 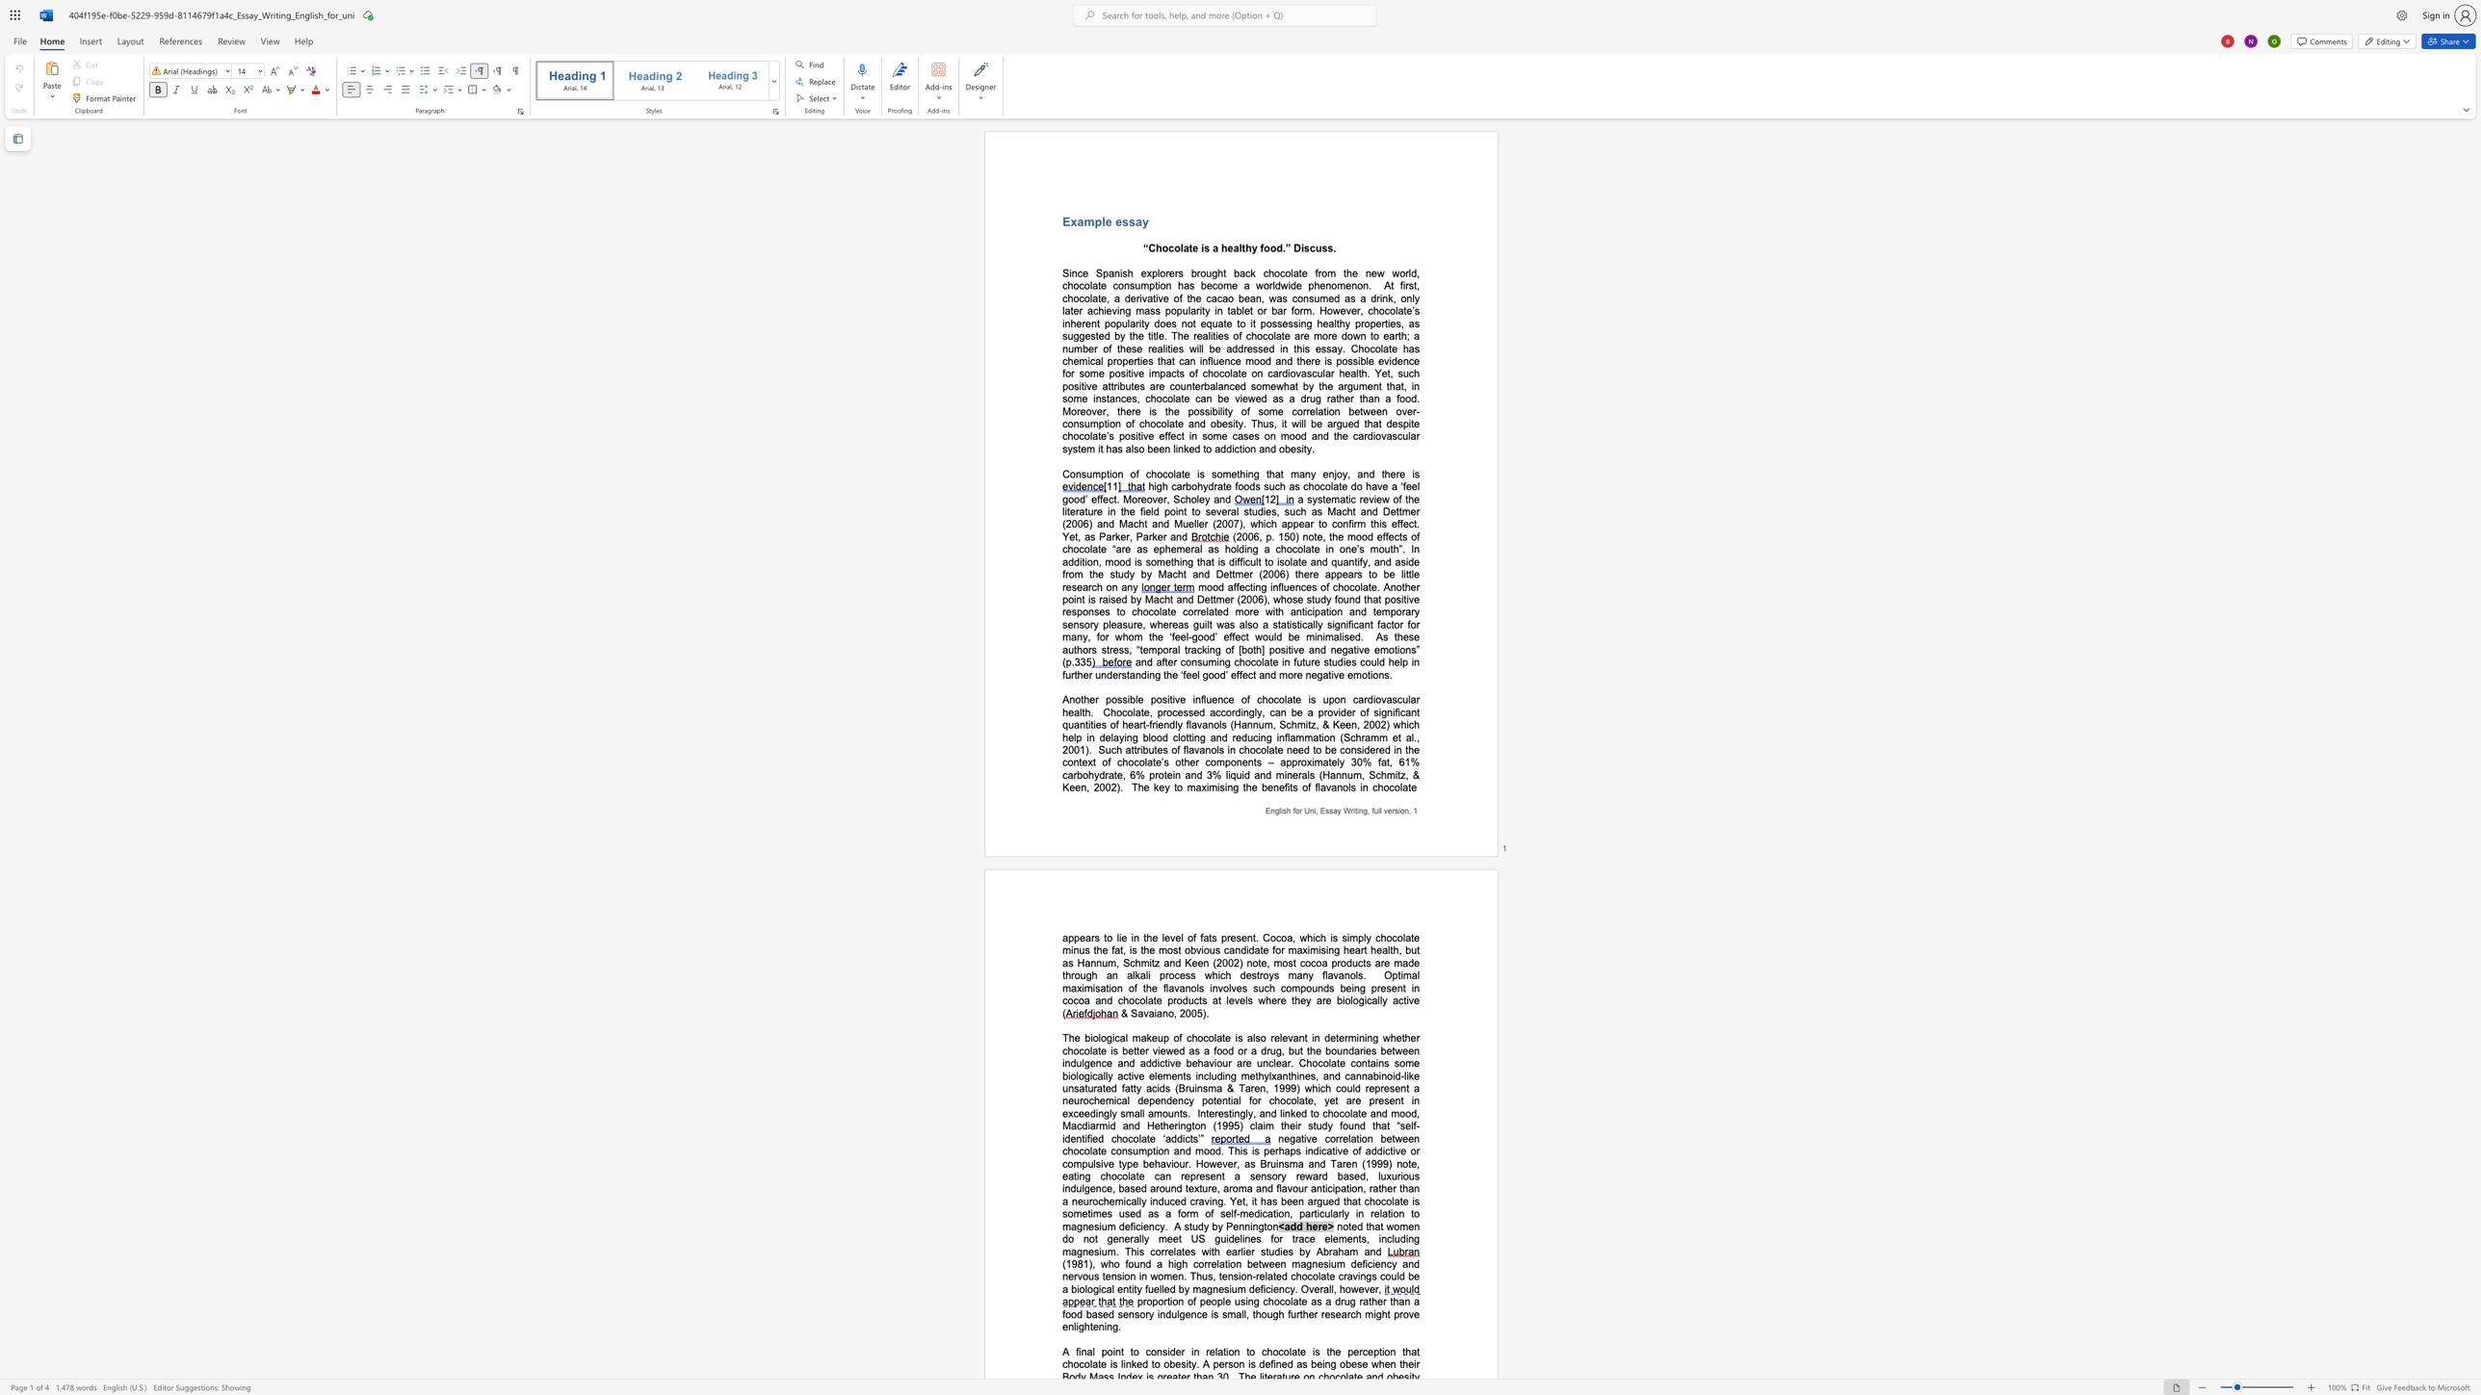 I want to click on the subset text "ller (2007" within the text "a systematic review of the literature in the field point to several studies, such as Macht and Dettmer (2006) and Macht and Mueller (2007), which", so click(x=1192, y=523).